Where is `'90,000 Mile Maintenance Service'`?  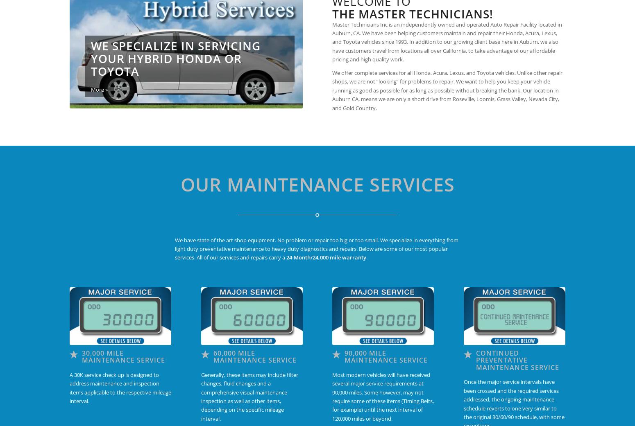 '90,000 Mile Maintenance Service' is located at coordinates (386, 356).